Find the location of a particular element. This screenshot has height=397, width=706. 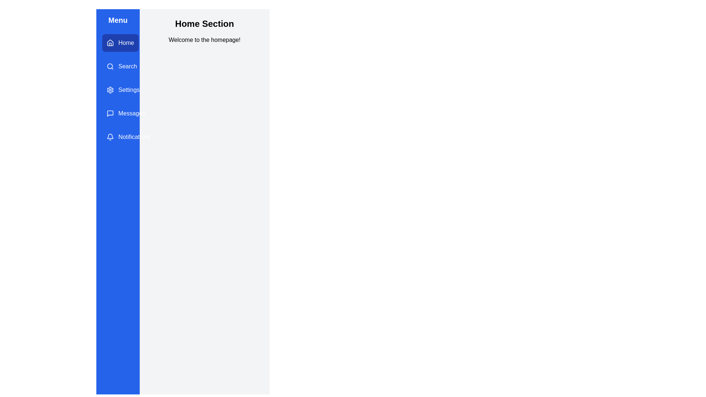

the 'Settings' text label in the navigation menu is located at coordinates (129, 90).